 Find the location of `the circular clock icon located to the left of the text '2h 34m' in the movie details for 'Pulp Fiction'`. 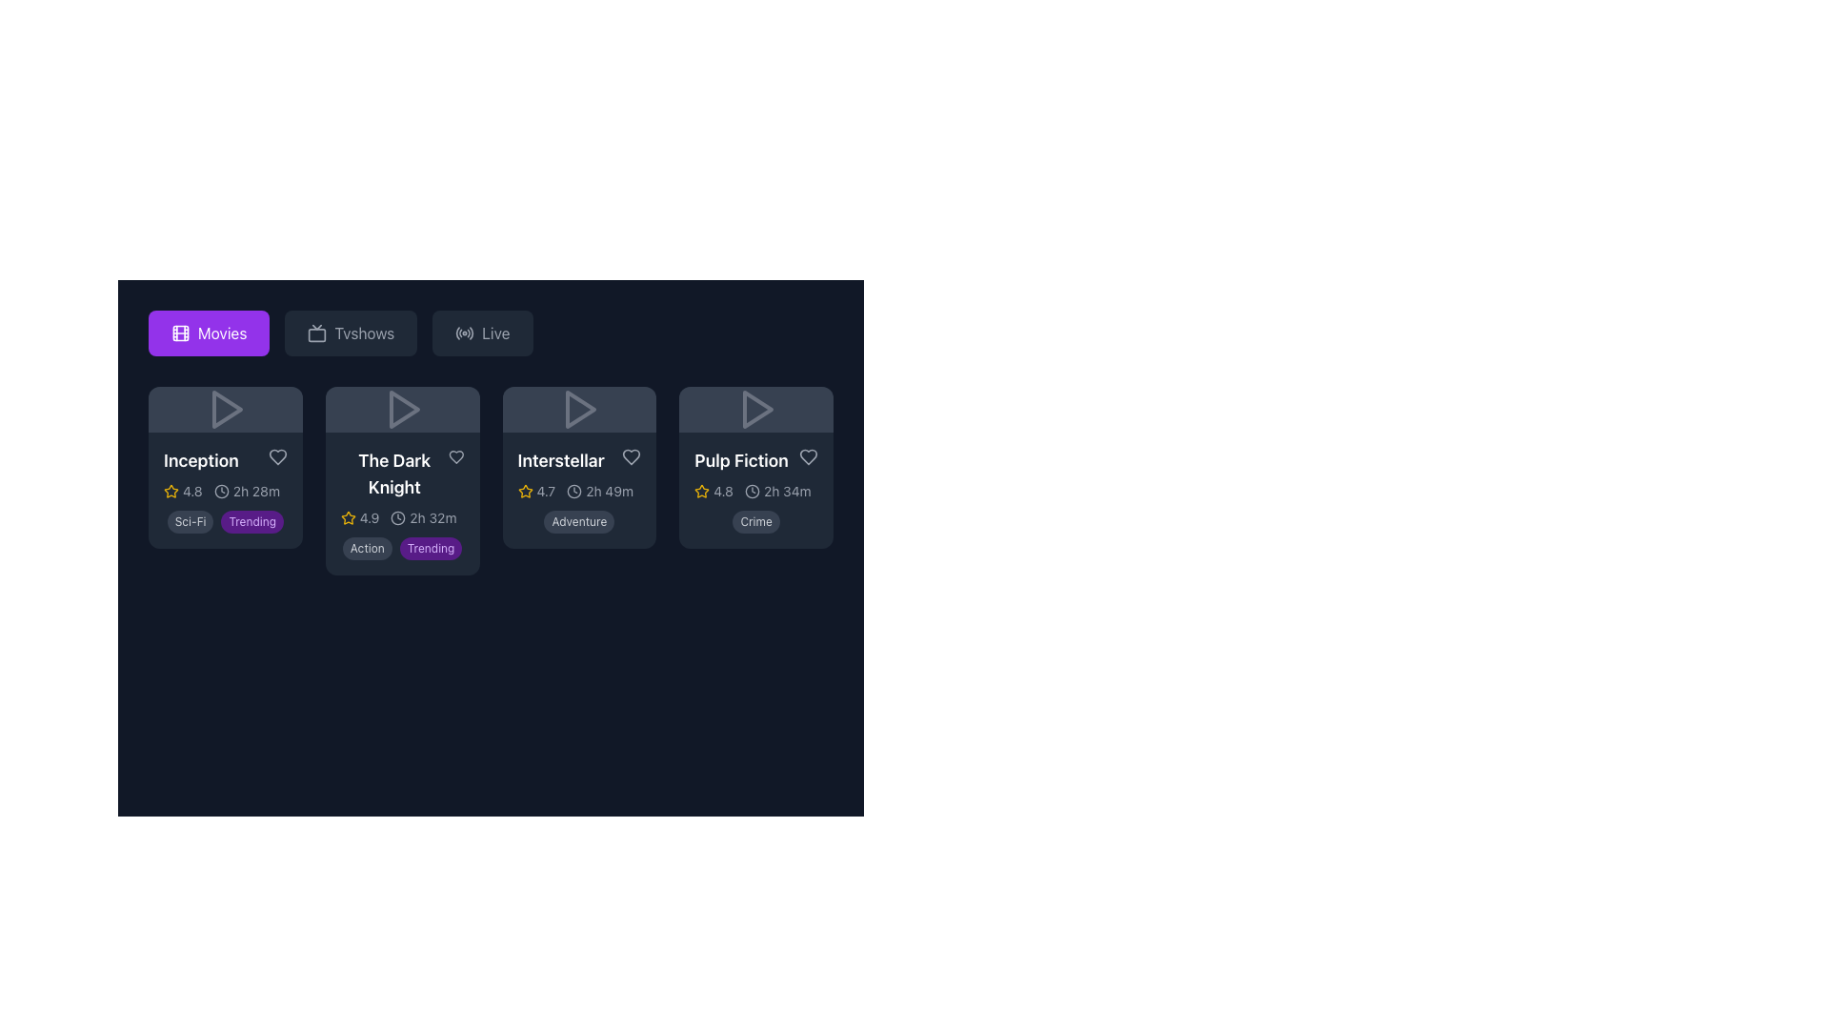

the circular clock icon located to the left of the text '2h 34m' in the movie details for 'Pulp Fiction' is located at coordinates (751, 491).